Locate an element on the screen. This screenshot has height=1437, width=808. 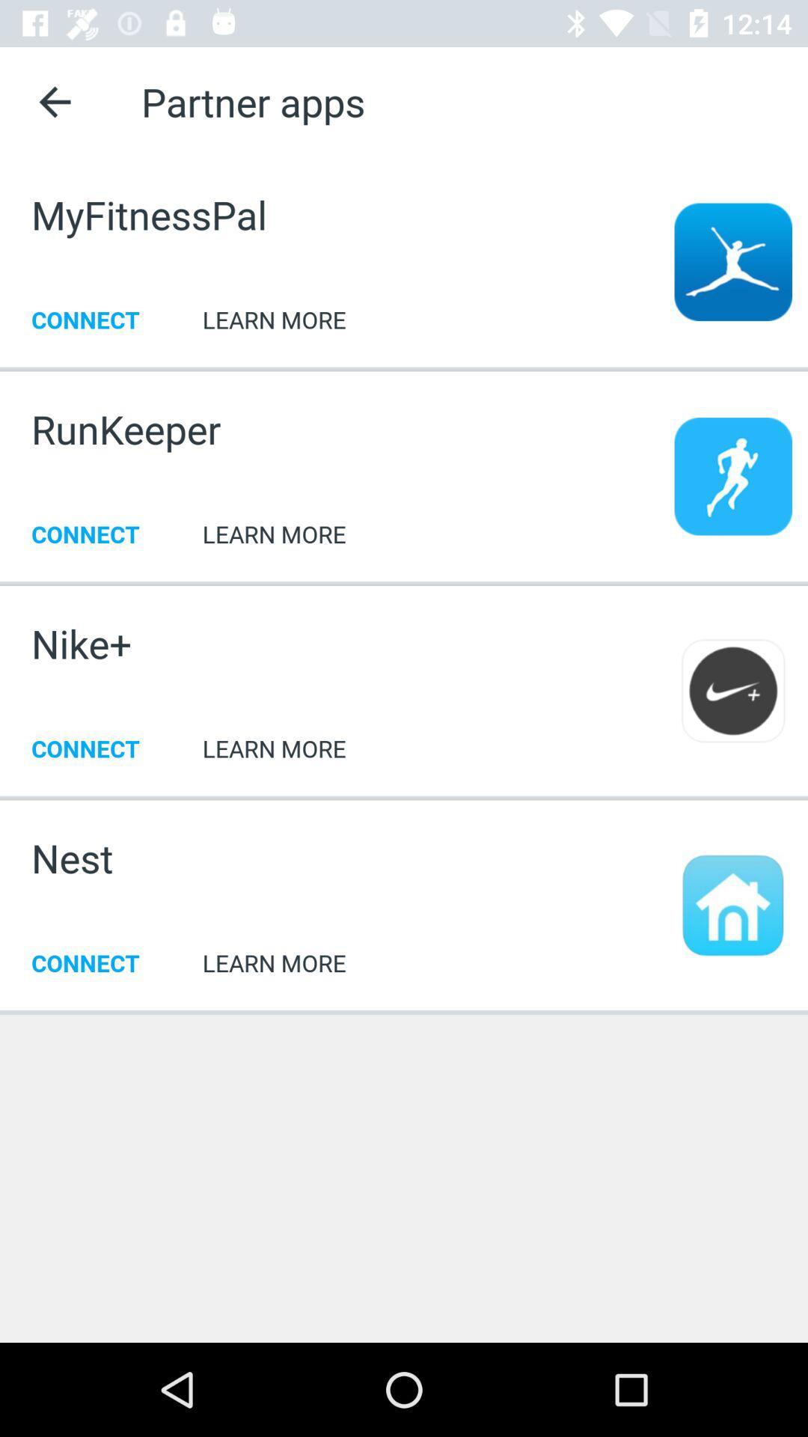
the item above myfitnesspal icon is located at coordinates (54, 101).